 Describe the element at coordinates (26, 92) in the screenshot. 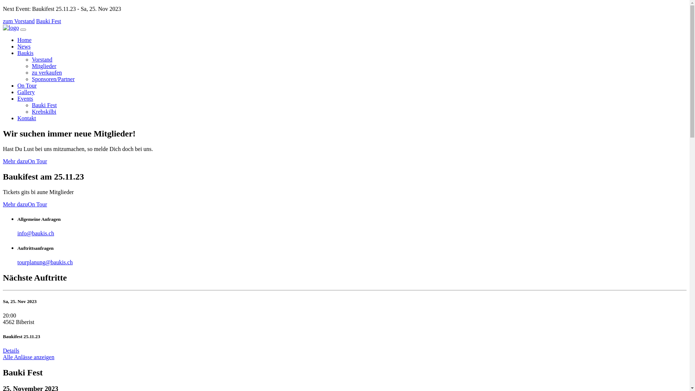

I see `'Gallery'` at that location.